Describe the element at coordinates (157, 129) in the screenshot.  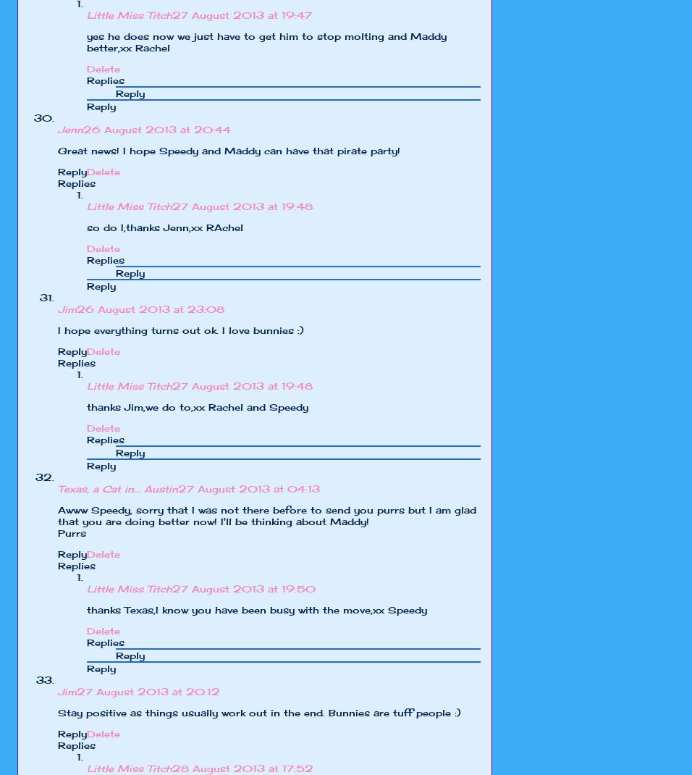
I see `'26 August 2013 at 20:44'` at that location.